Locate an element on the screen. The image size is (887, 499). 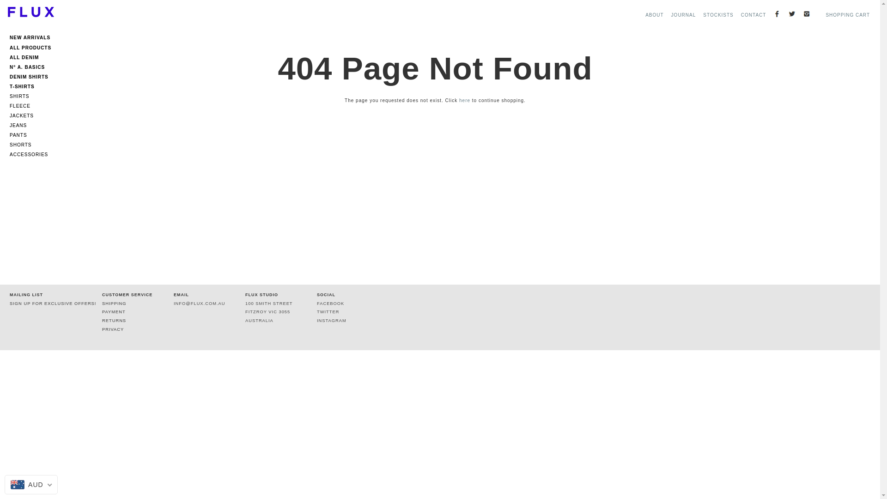
'JEANS' is located at coordinates (33, 125).